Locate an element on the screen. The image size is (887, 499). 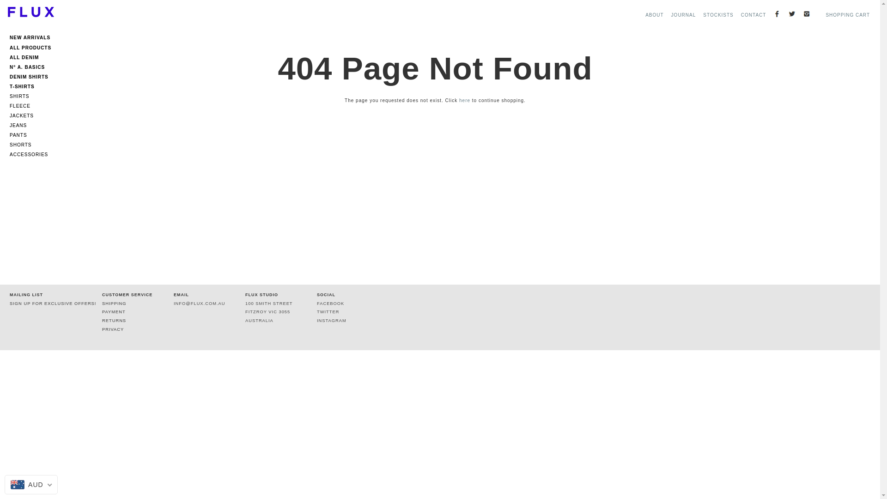
'JEANS' is located at coordinates (33, 125).